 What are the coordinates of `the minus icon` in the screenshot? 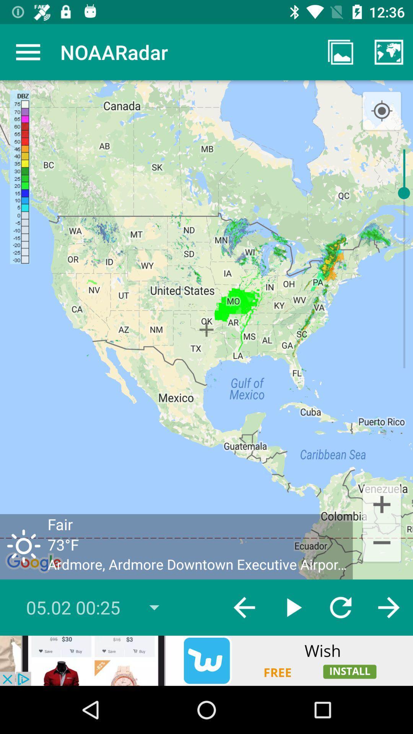 It's located at (382, 543).